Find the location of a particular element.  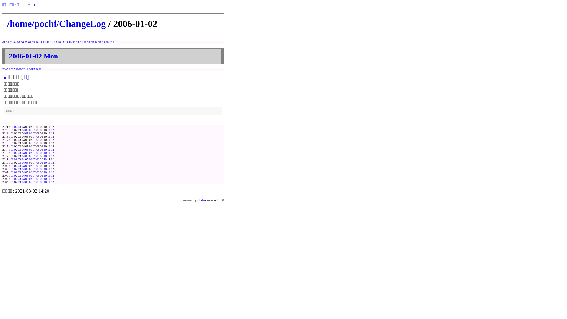

'03' is located at coordinates (18, 126).